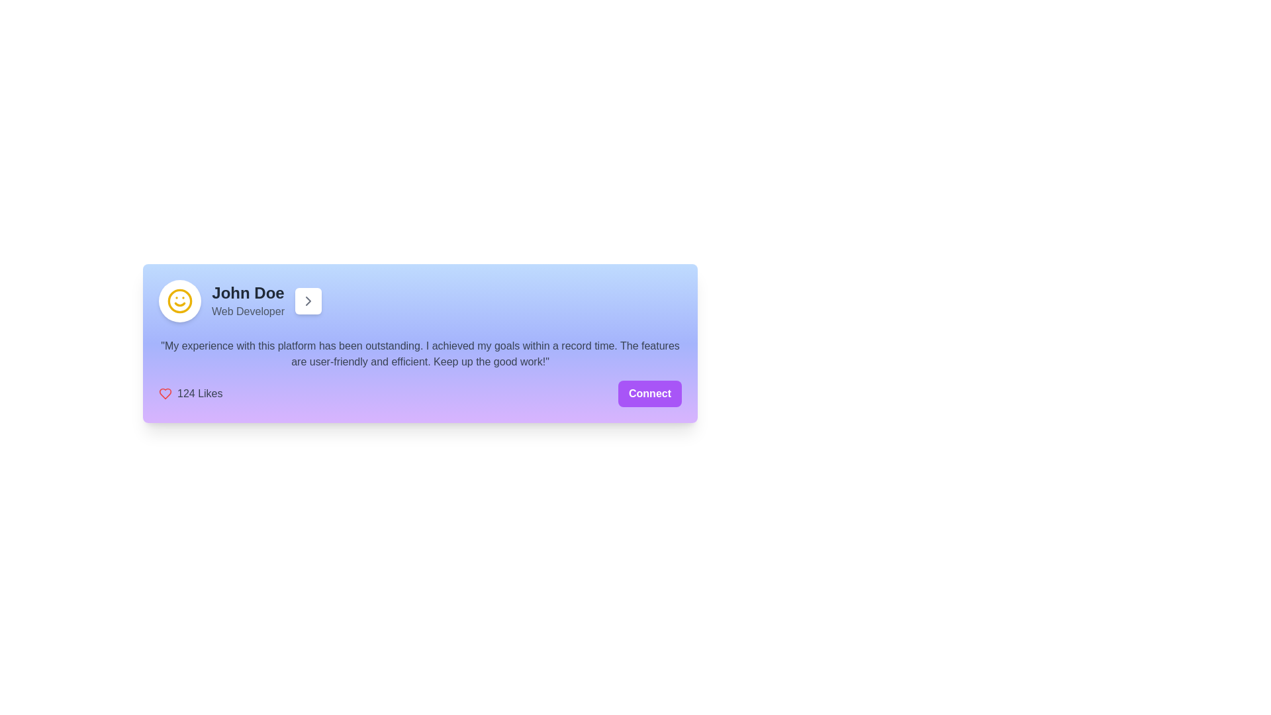 The width and height of the screenshot is (1271, 715). What do you see at coordinates (199, 393) in the screenshot?
I see `the text label displaying '124 Likes', which is styled in medium gray on a light purple background, located on the lower-left corner of the card, second to the right of a red heart icon` at bounding box center [199, 393].